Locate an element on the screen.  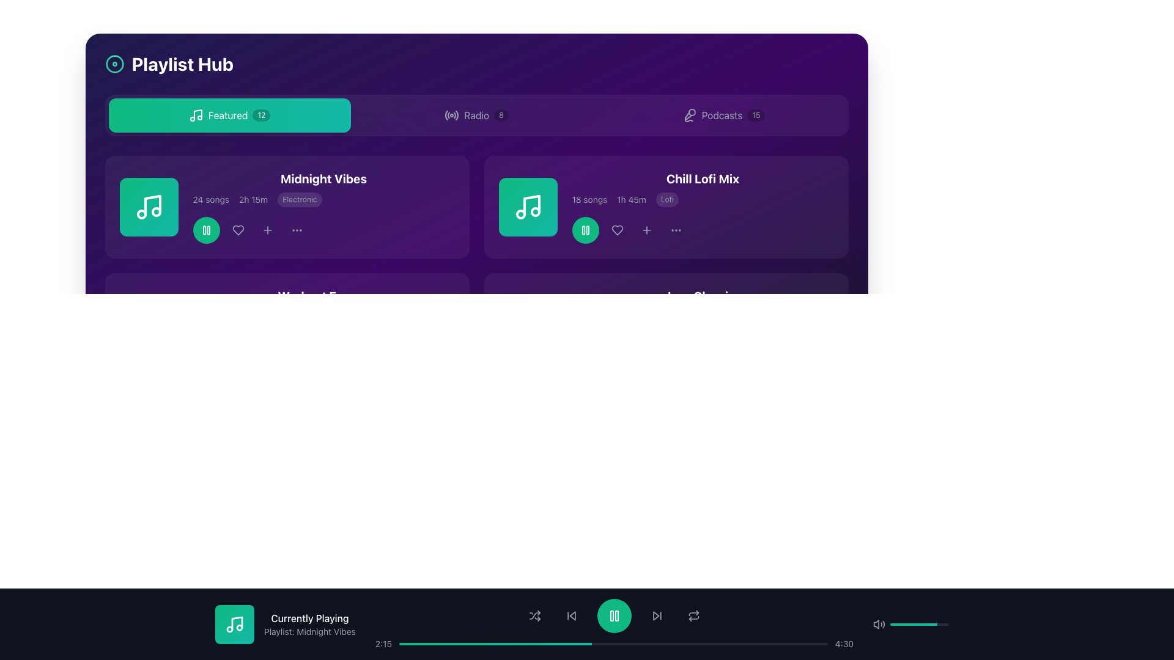
the left-pointing double-chevron button in the bottom control bar is located at coordinates (570, 615).